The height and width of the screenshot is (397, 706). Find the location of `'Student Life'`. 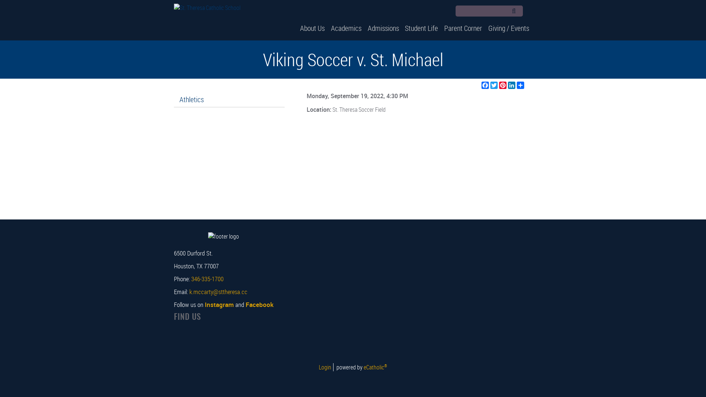

'Student Life' is located at coordinates (421, 28).